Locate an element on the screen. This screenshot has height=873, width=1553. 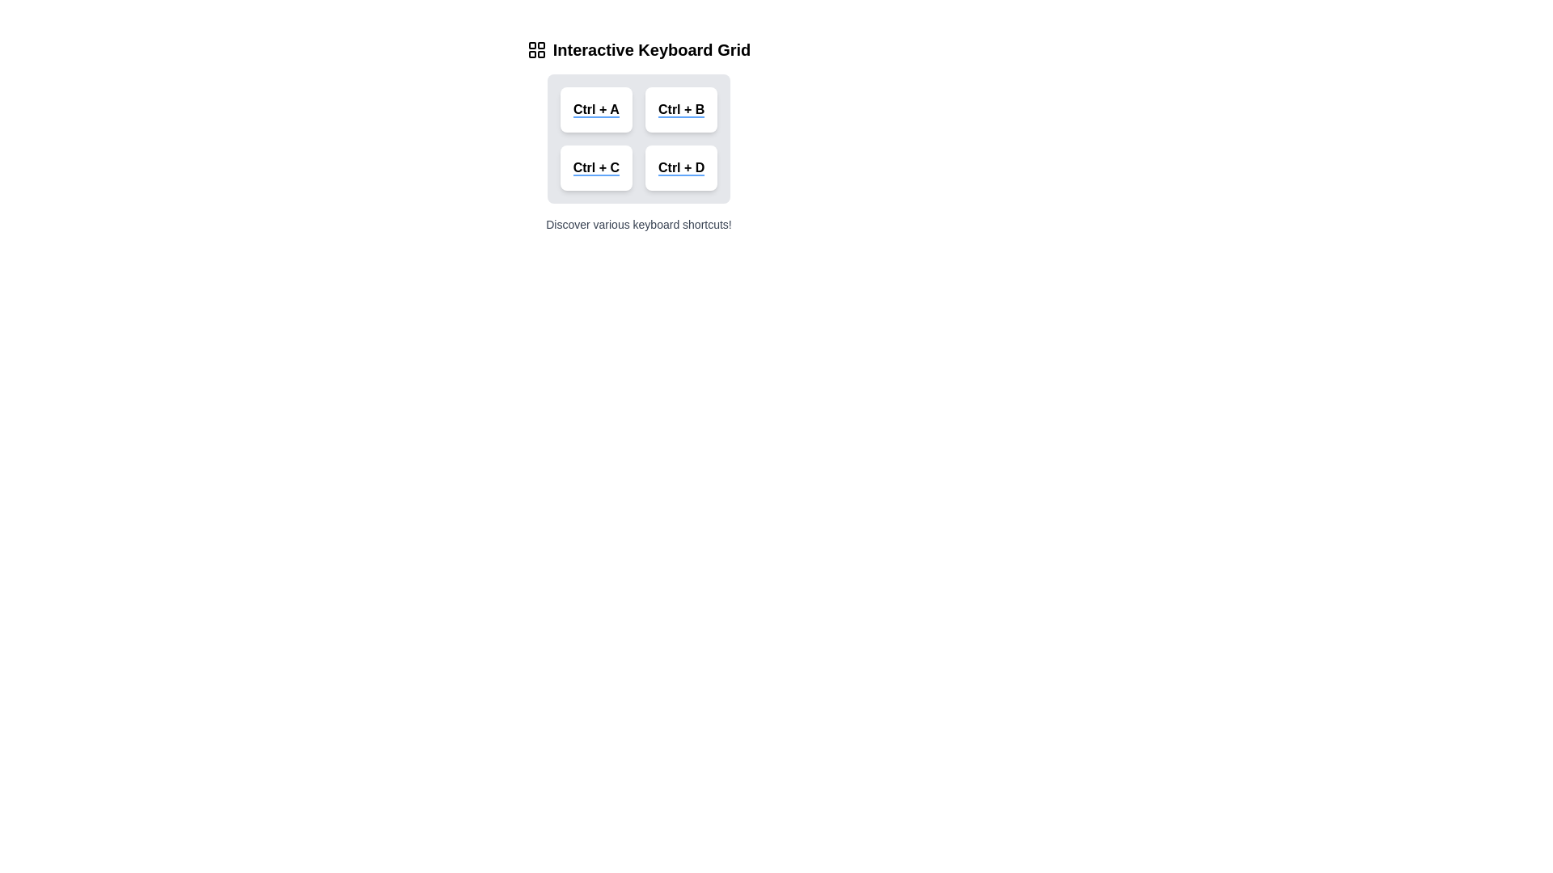
the text label that conveys the shortcut 'Ctrl + D', located in the bottom-right corner of the 2x2 grid of keyboard shortcut buttons is located at coordinates (681, 168).